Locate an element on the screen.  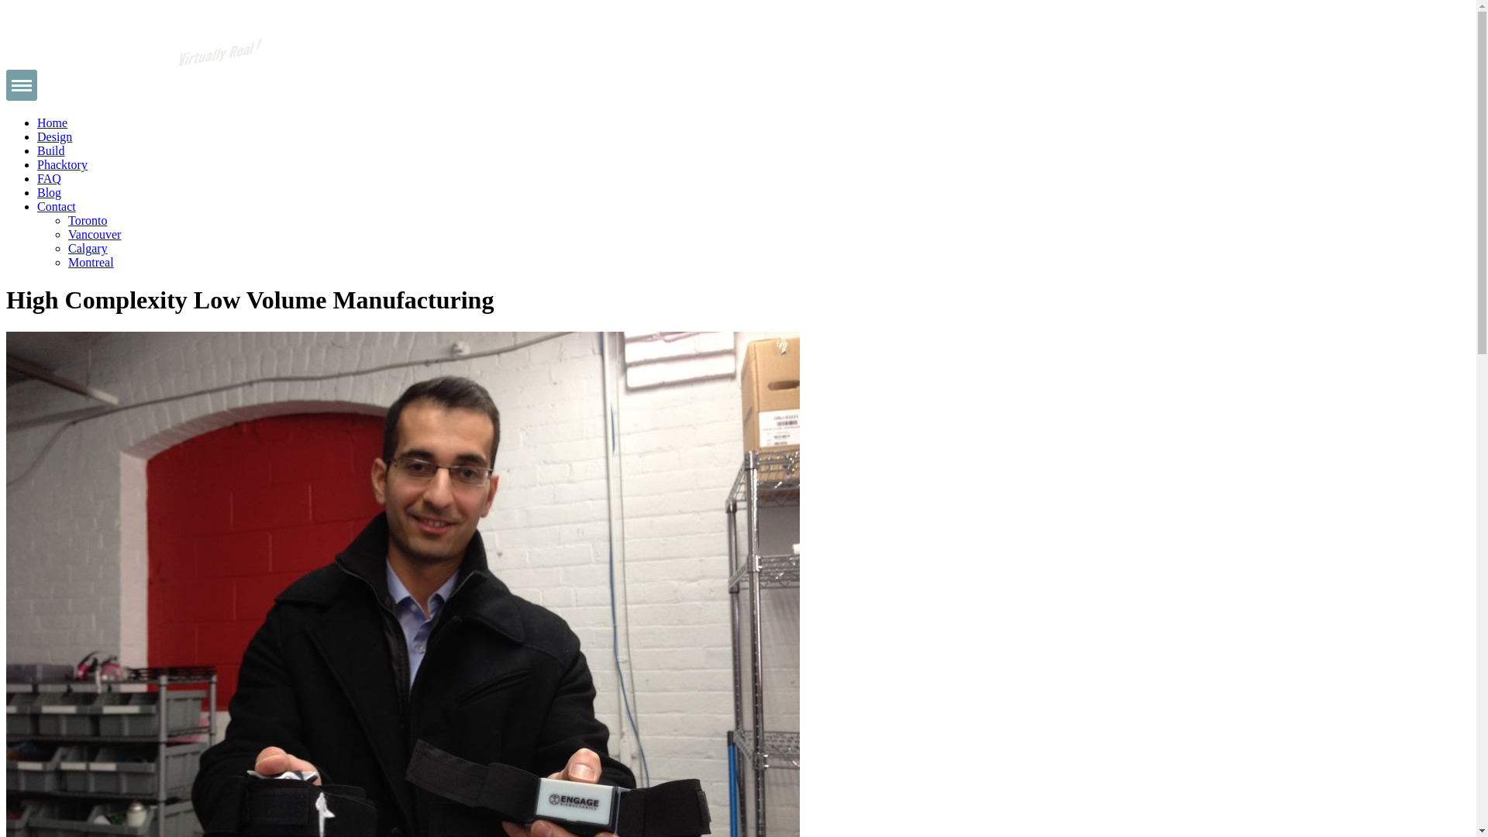
'FAQ' is located at coordinates (49, 177).